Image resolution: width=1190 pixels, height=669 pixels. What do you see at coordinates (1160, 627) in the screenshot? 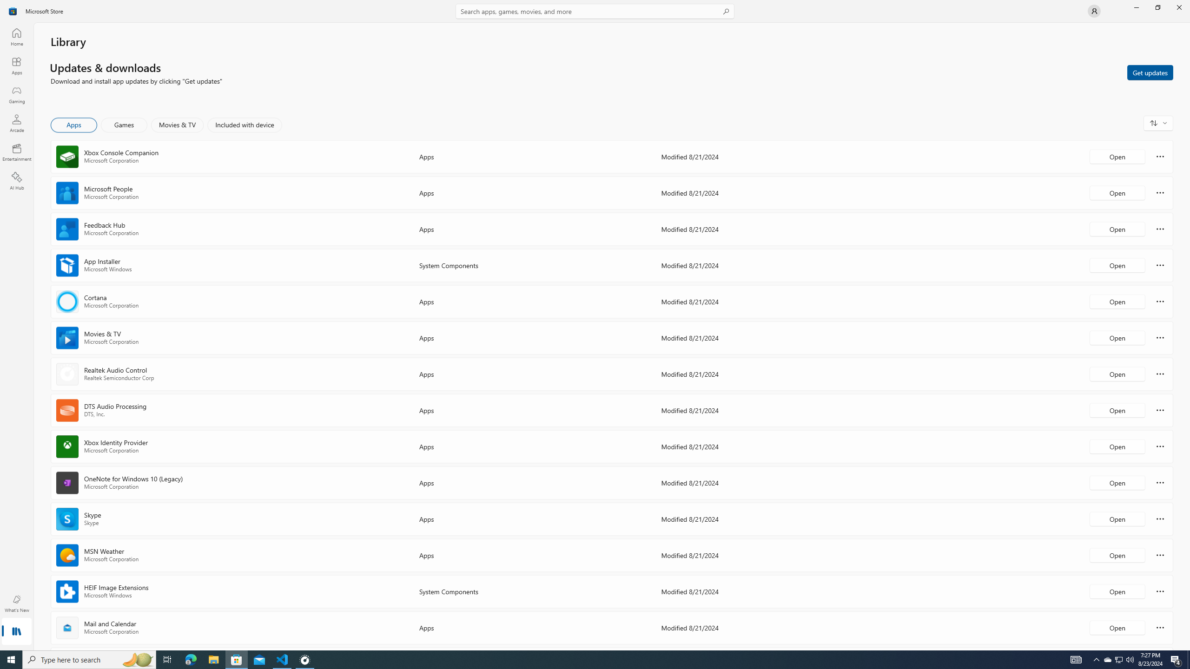
I see `'More options'` at bounding box center [1160, 627].